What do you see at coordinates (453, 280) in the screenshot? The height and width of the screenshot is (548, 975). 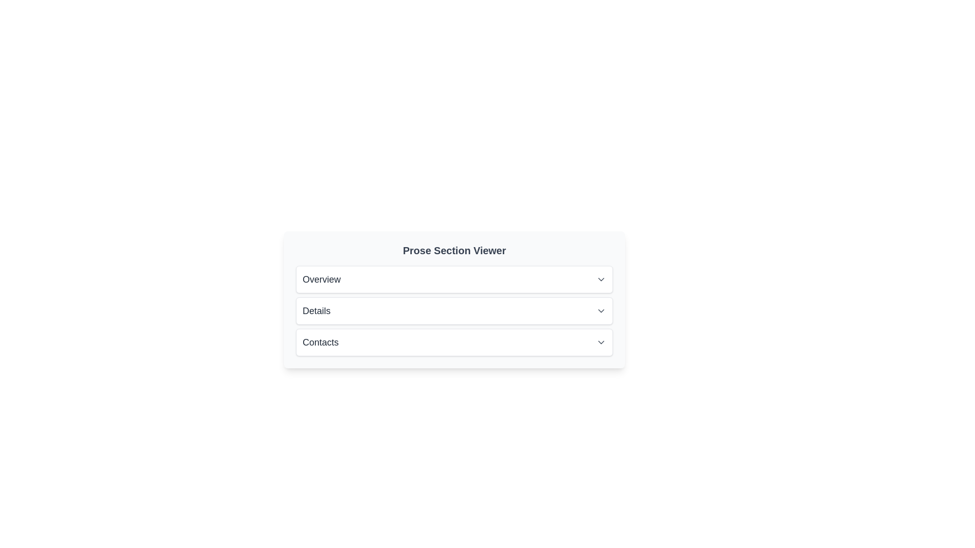 I see `the Dropdown button at the top of the button group labeled 'Overview', 'Details', and 'Contacts'` at bounding box center [453, 280].